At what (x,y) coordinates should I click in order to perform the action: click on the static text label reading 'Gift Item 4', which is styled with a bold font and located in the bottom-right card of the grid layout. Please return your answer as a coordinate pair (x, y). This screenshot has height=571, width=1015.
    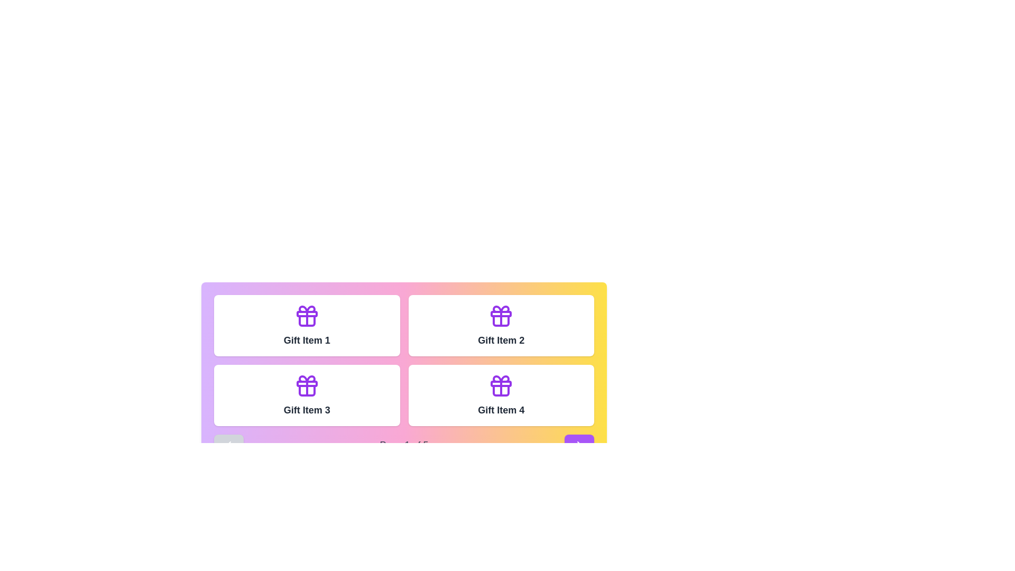
    Looking at the image, I should click on (501, 409).